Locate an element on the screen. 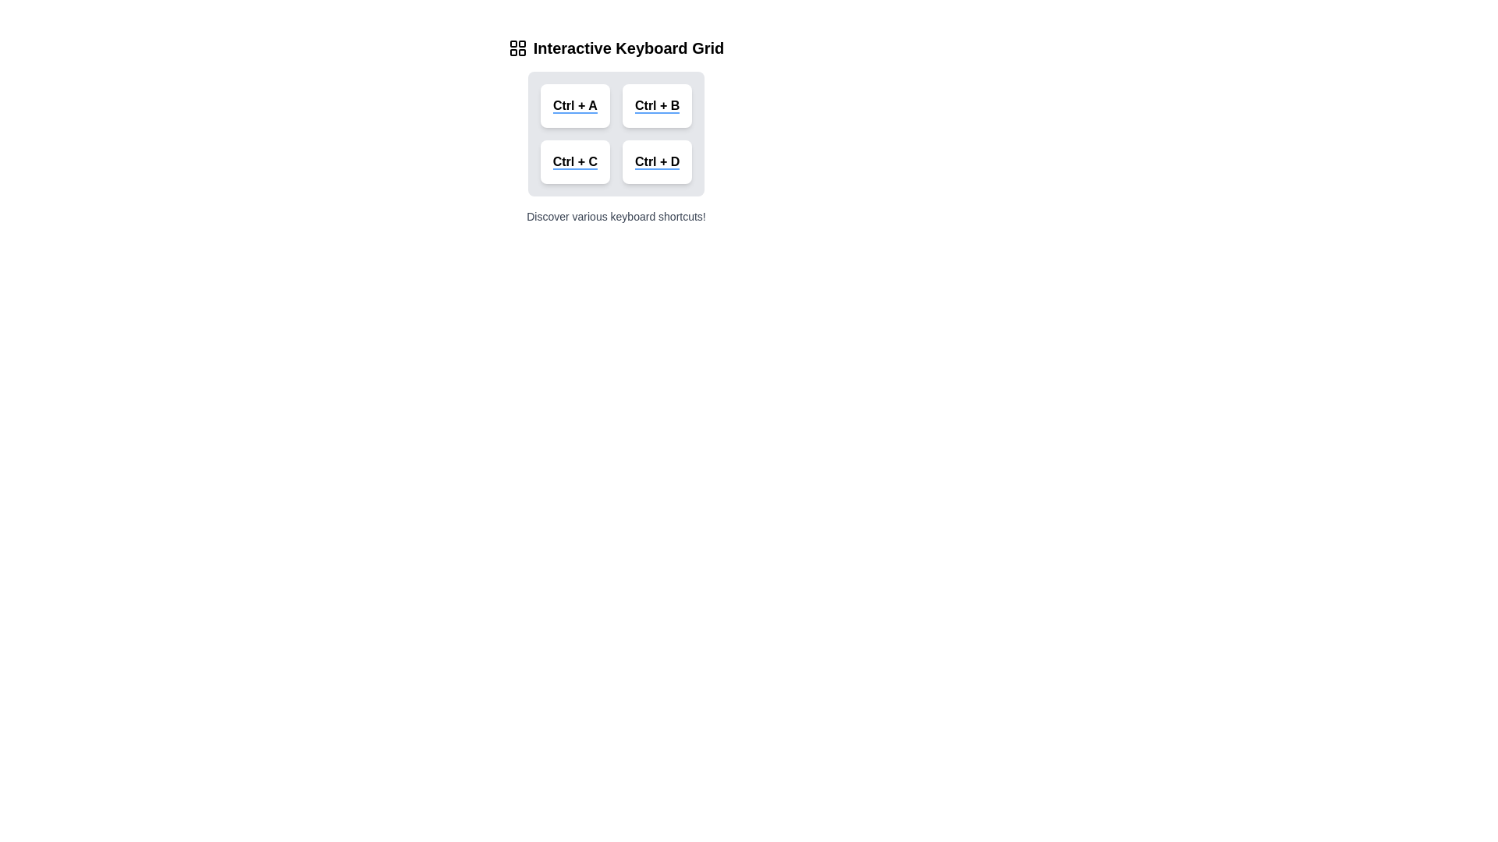  the text label 'Ctrl + C' located in the third button of the grid, in the second row, left column of the 'Interactive Keyboard Grid' is located at coordinates (574, 162).